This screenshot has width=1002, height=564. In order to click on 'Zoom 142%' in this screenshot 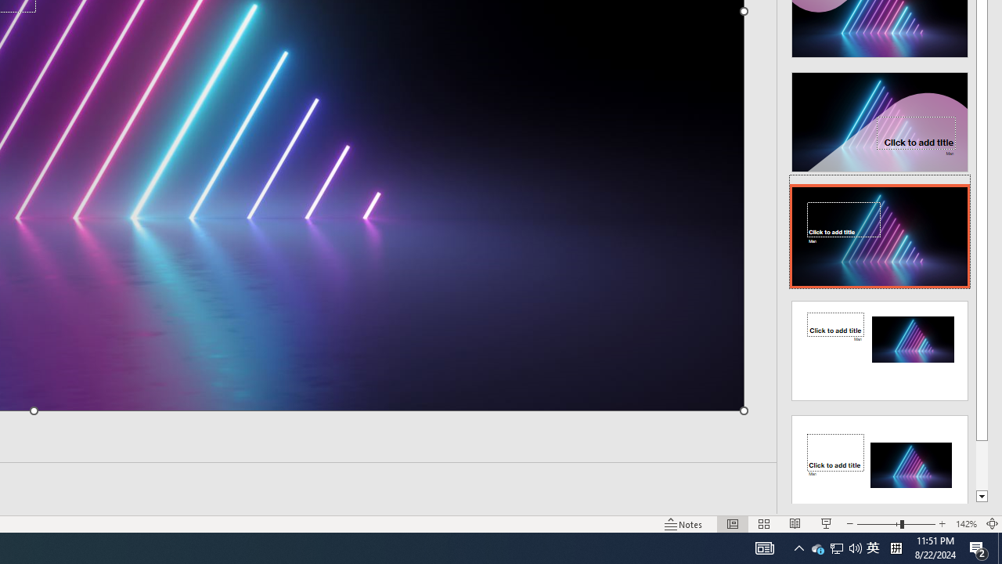, I will do `click(965, 524)`.